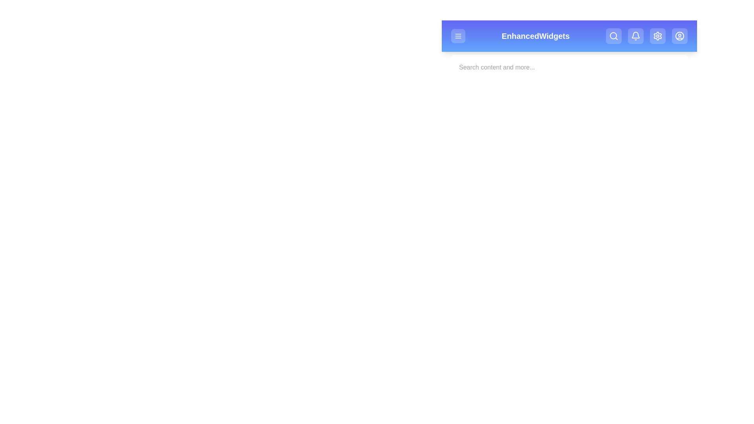 This screenshot has height=424, width=754. What do you see at coordinates (458, 36) in the screenshot?
I see `menu button to toggle the menu visibility` at bounding box center [458, 36].